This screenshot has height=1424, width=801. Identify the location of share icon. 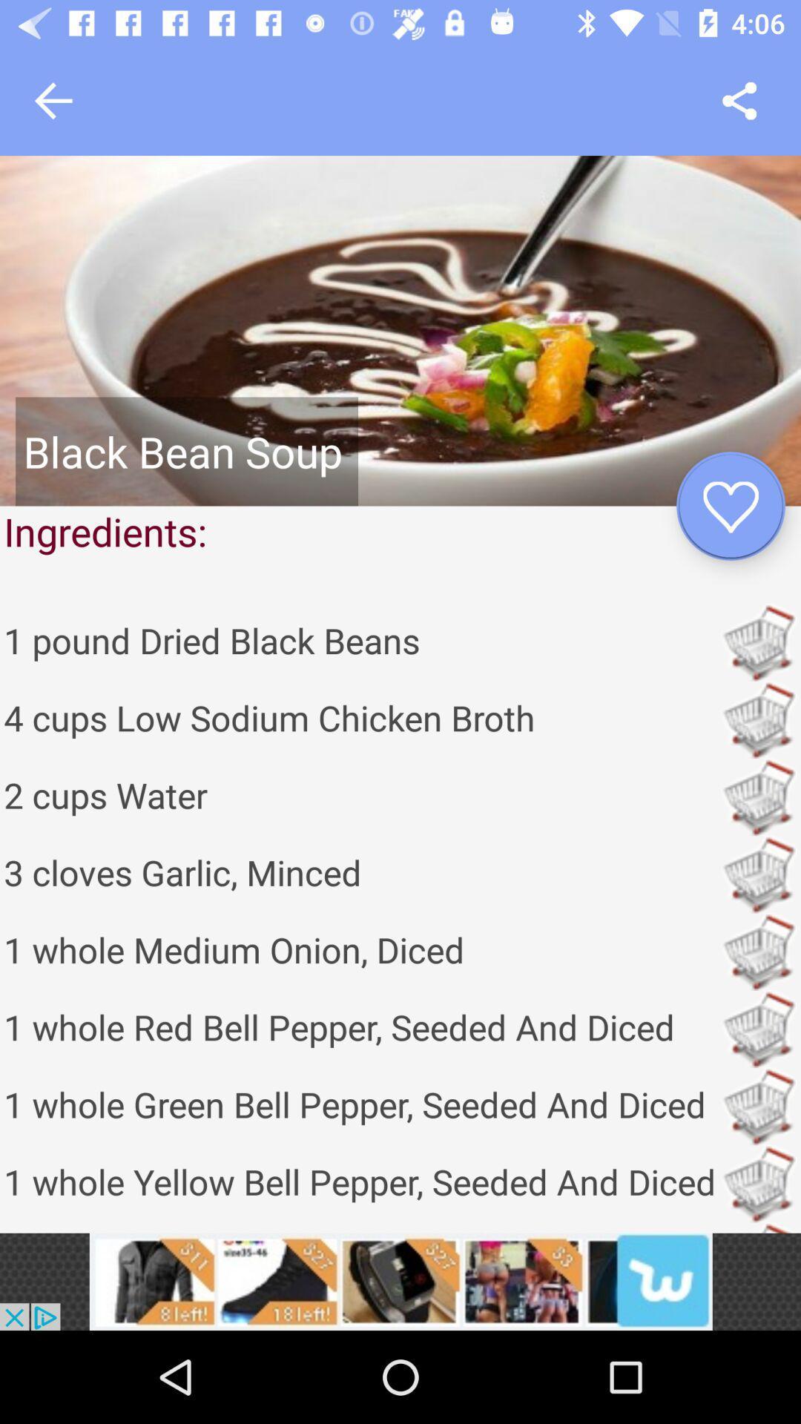
(739, 100).